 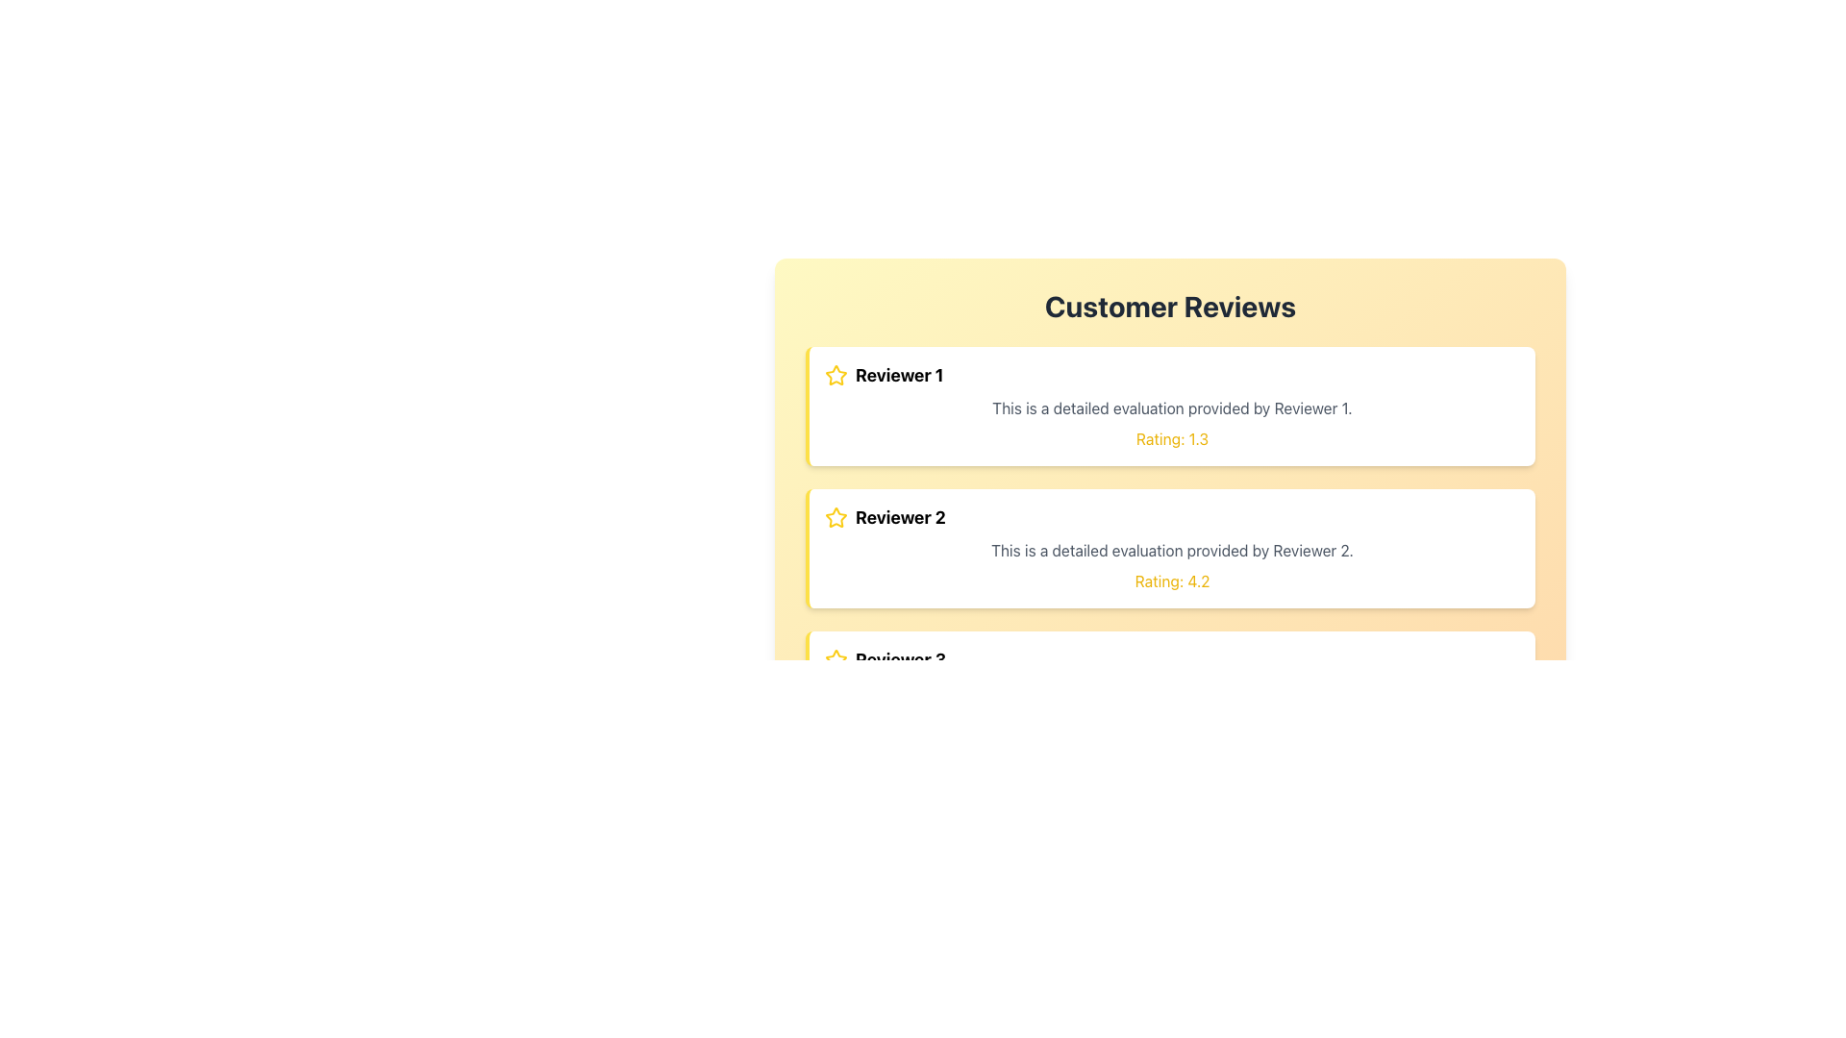 What do you see at coordinates (836, 517) in the screenshot?
I see `the star icon that indicates a rating, located in the second review card next to the text 'Reviewer 2'` at bounding box center [836, 517].